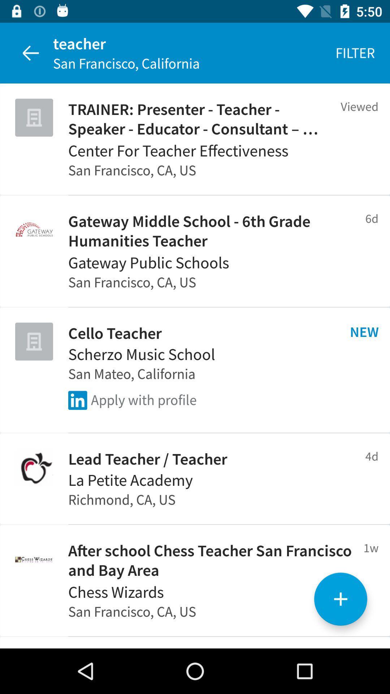 The height and width of the screenshot is (694, 390). What do you see at coordinates (30, 53) in the screenshot?
I see `the arrow_backward icon` at bounding box center [30, 53].